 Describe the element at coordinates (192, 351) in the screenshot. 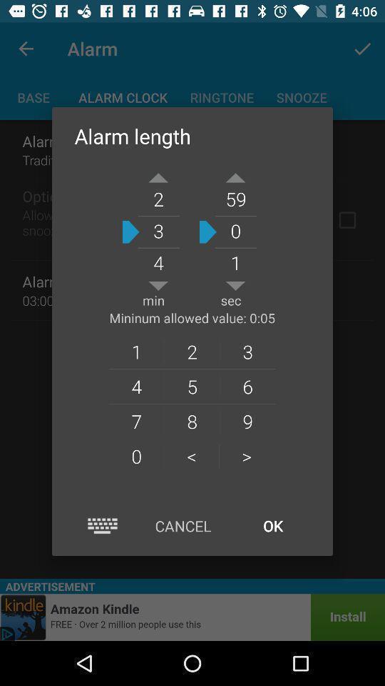

I see `the item next to 1 item` at that location.